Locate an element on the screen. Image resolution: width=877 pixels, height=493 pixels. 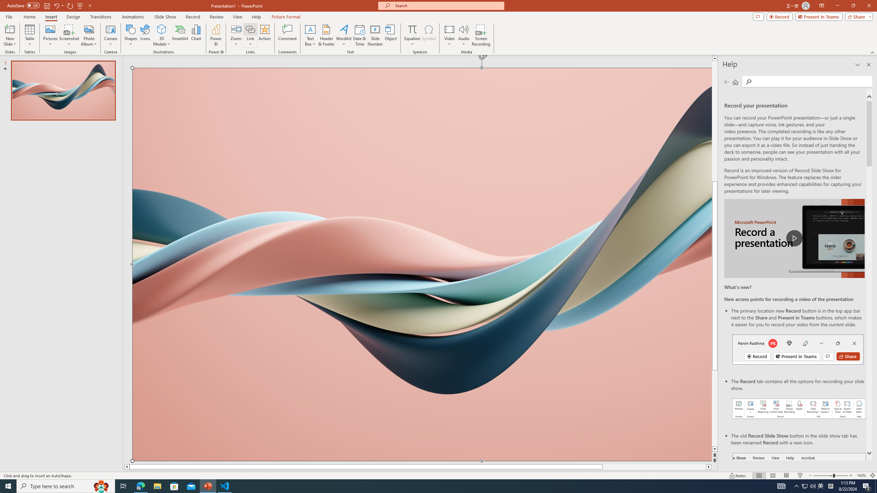
'Draw Horizontal Text Box' is located at coordinates (310, 29).